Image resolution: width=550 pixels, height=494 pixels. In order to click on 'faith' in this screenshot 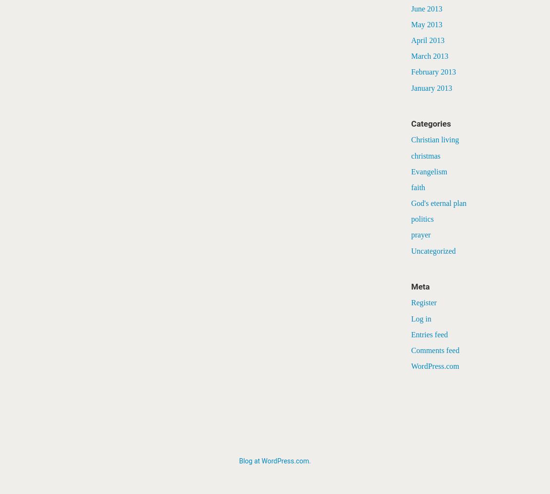, I will do `click(418, 186)`.